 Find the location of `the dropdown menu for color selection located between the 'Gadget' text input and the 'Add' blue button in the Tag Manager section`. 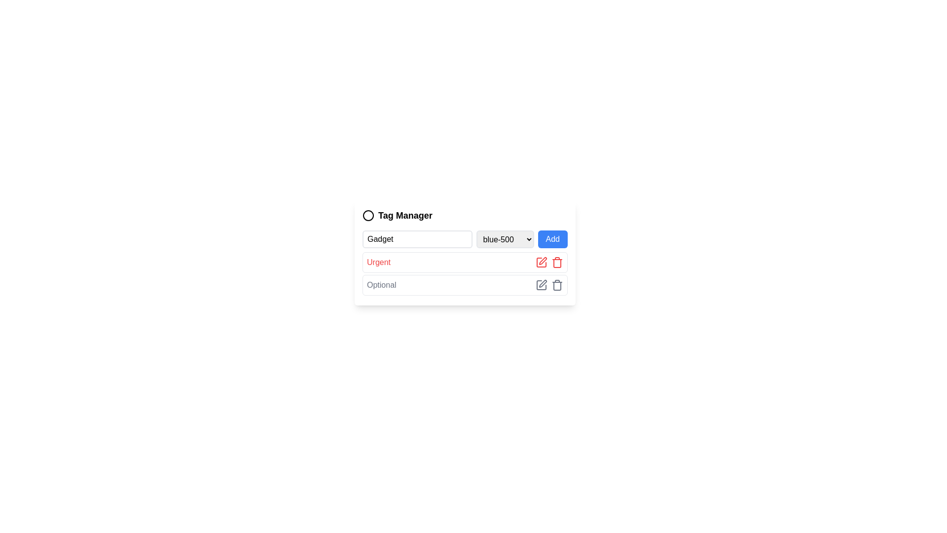

the dropdown menu for color selection located between the 'Gadget' text input and the 'Add' blue button in the Tag Manager section is located at coordinates (505, 239).